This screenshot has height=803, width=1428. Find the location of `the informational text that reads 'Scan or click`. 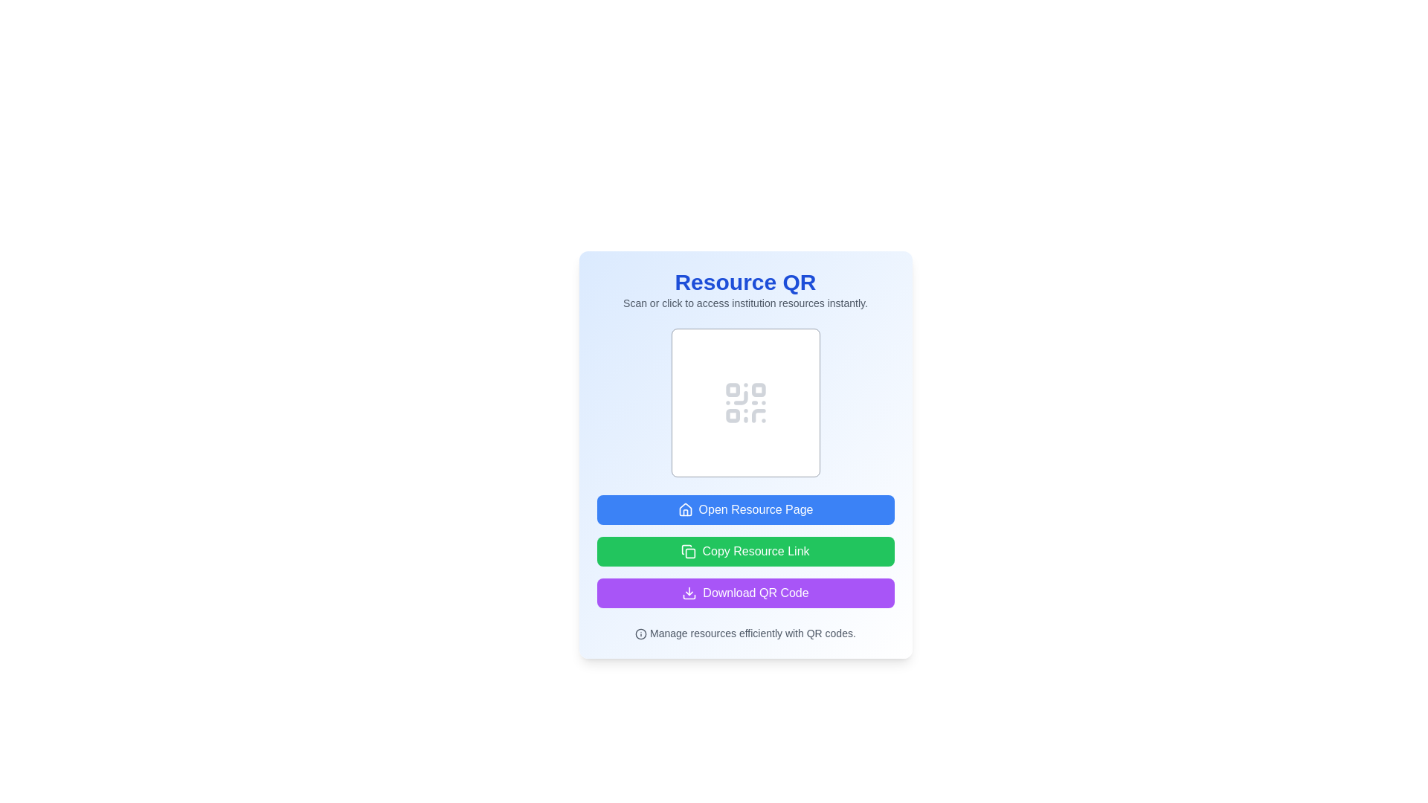

the informational text that reads 'Scan or click is located at coordinates (745, 303).